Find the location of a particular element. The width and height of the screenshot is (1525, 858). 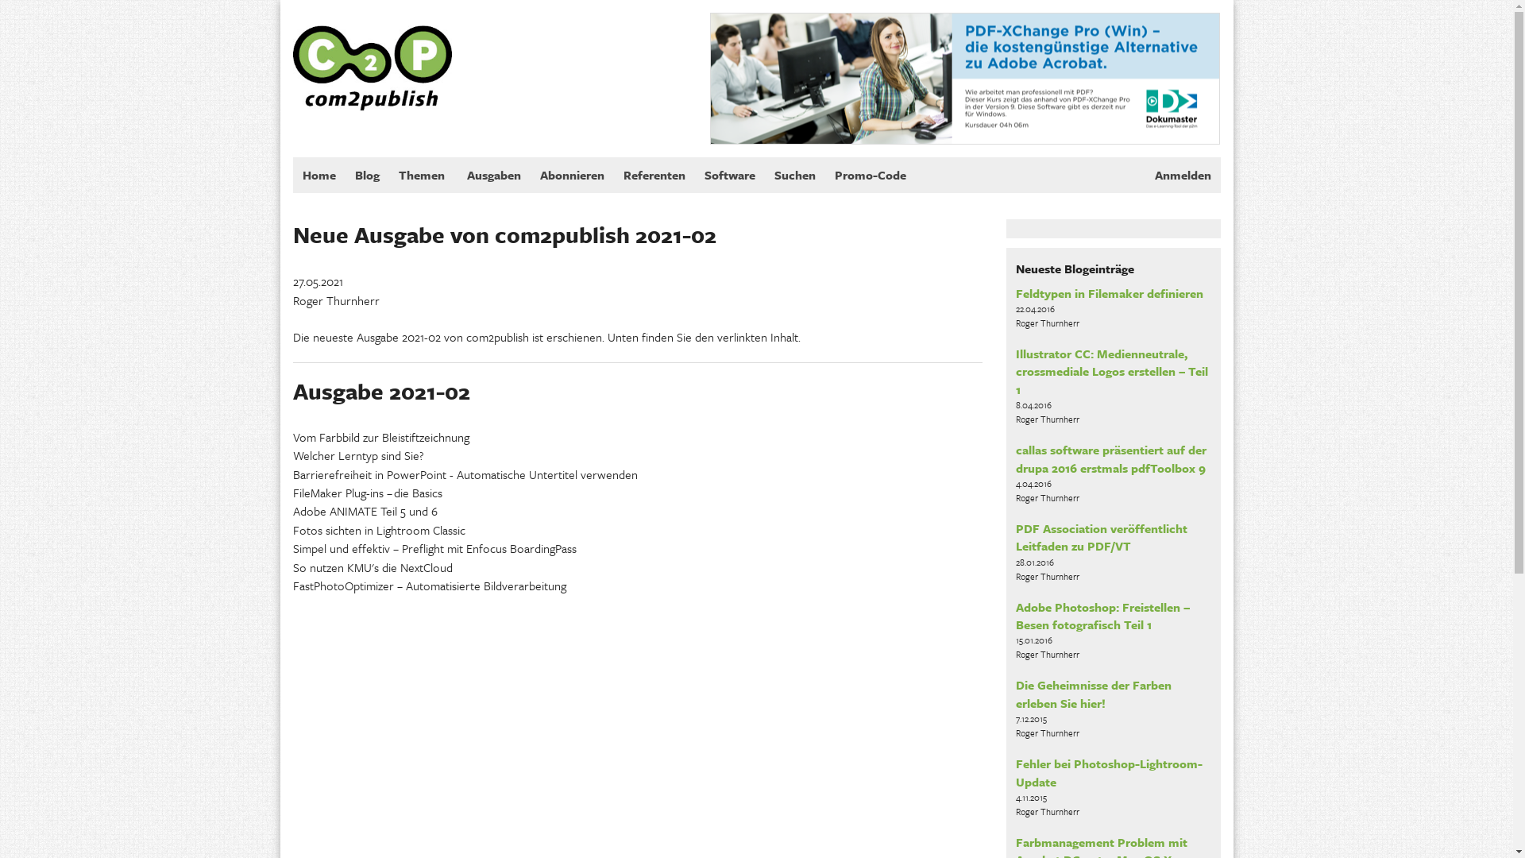

'Welcher Lerntyp sind Sie?' is located at coordinates (357, 455).